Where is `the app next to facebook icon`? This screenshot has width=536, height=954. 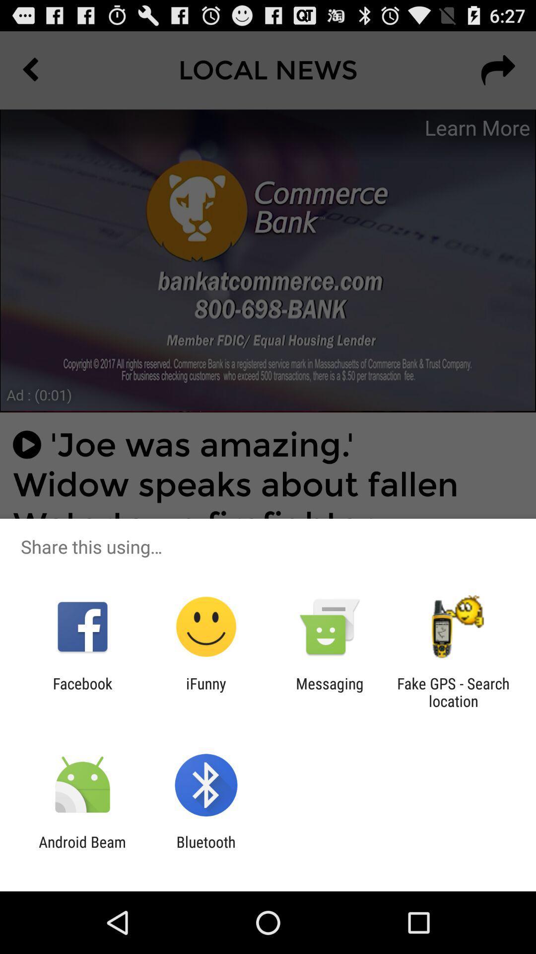 the app next to facebook icon is located at coordinates (205, 692).